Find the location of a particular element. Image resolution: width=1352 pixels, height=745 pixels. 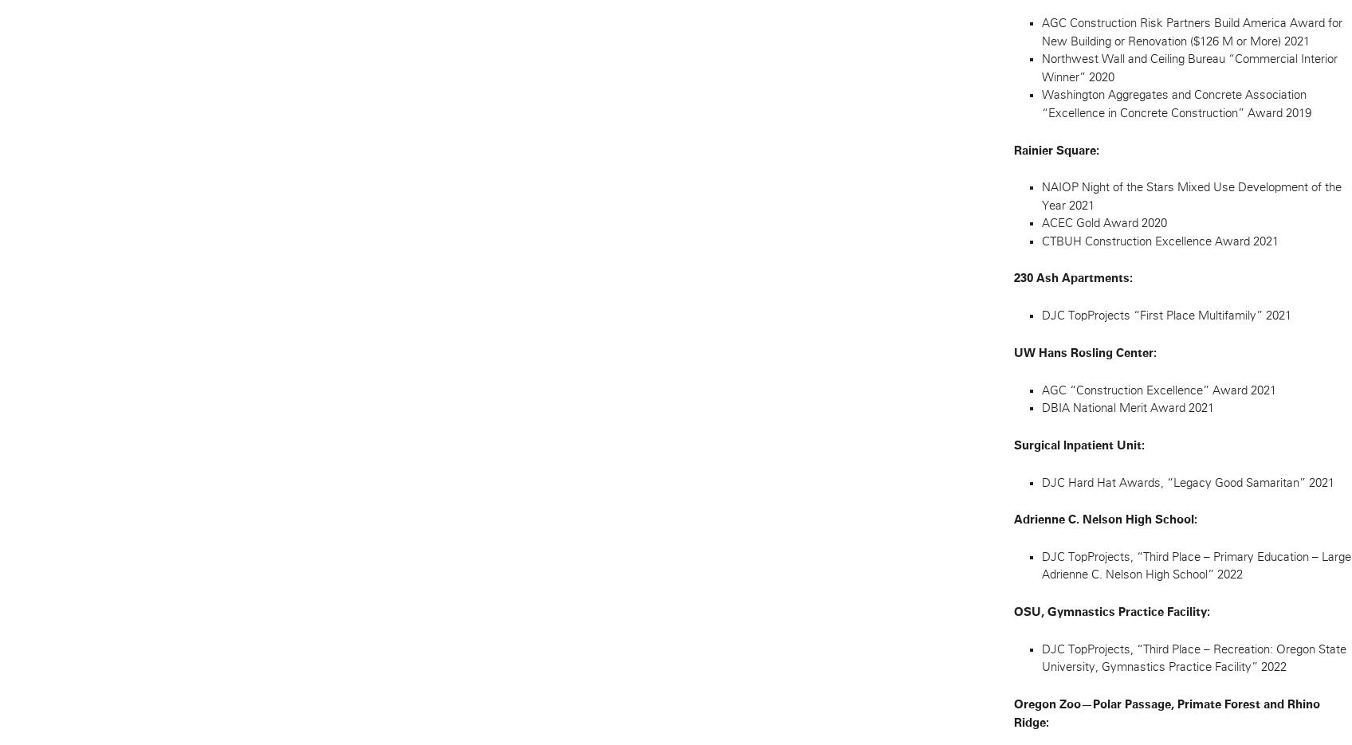

'DJC Hard Hat Awards, “Legacy Good Samaritan” 2021' is located at coordinates (1186, 481).